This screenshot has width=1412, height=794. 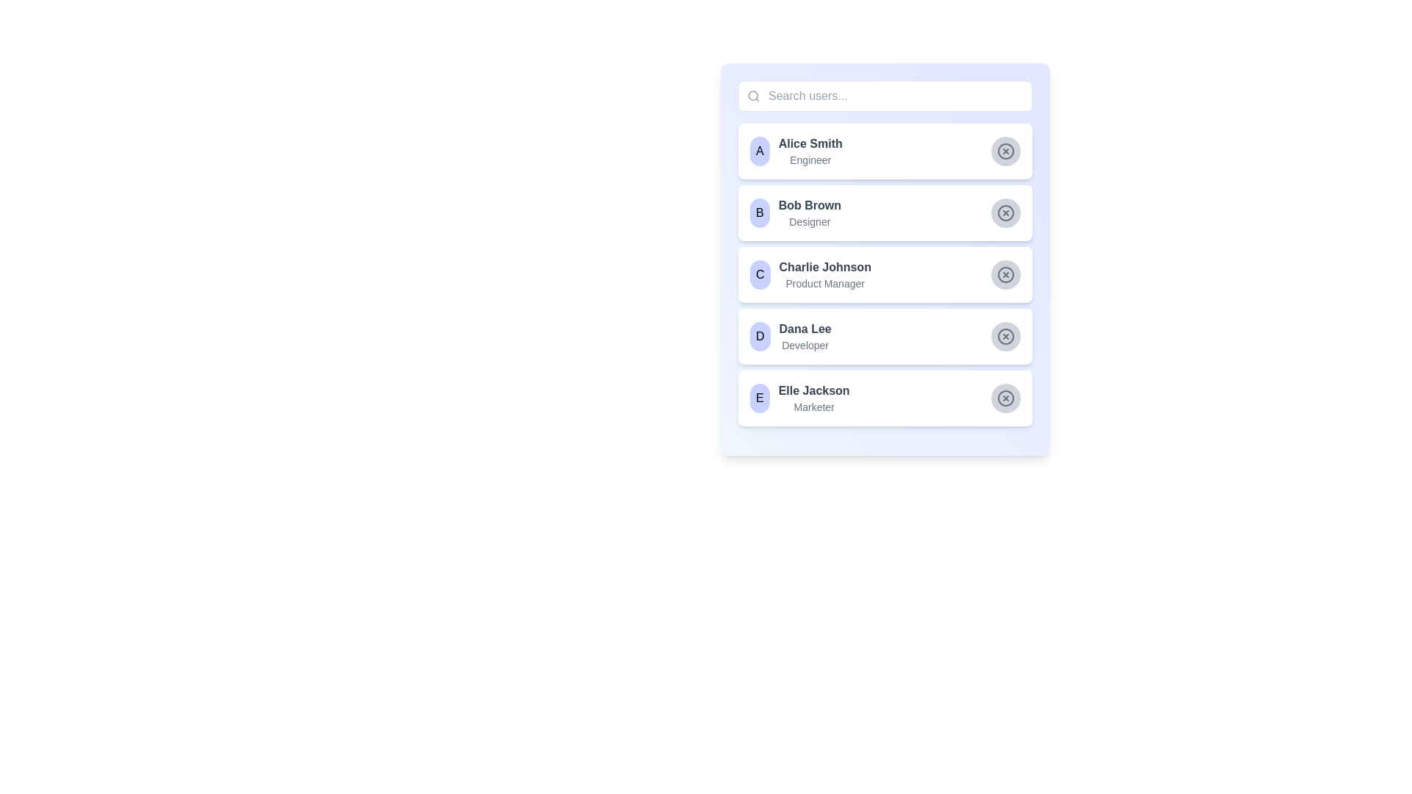 I want to click on the circular badge with a light indigo background and the letter 'A' in black, bold text, located at the topmost entry of a vertical list, preceding 'Alice Smith' and 'Engineer', so click(x=760, y=151).